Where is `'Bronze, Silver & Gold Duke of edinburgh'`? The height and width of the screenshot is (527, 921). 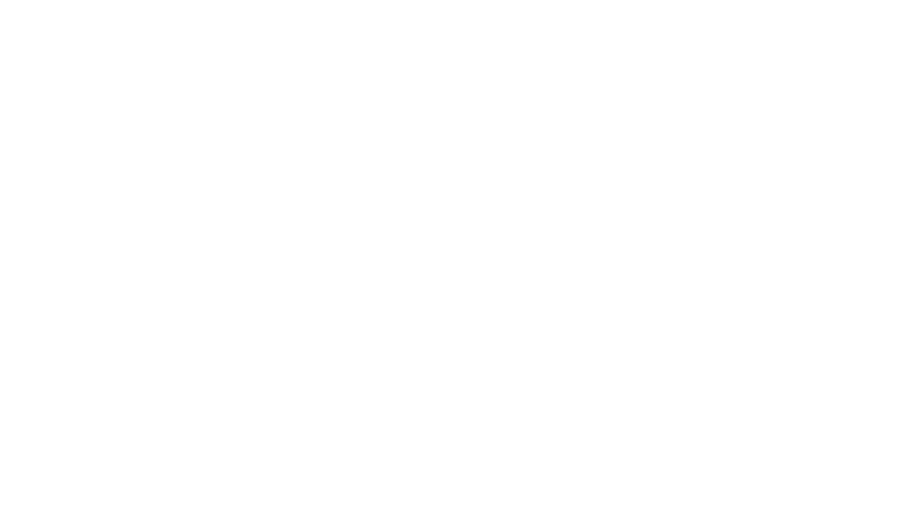 'Bronze, Silver & Gold Duke of edinburgh' is located at coordinates (785, 369).